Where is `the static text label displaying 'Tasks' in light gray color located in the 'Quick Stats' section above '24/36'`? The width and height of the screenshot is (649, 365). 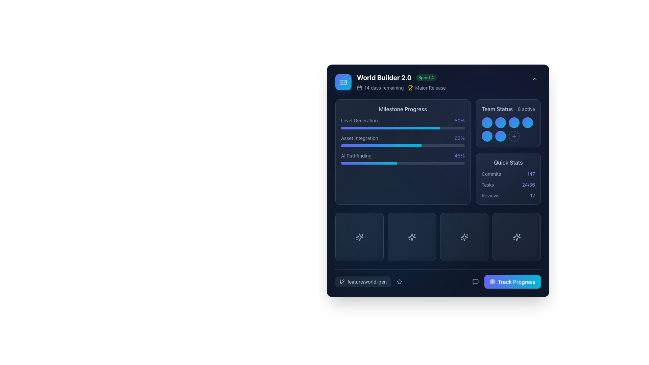
the static text label displaying 'Tasks' in light gray color located in the 'Quick Stats' section above '24/36' is located at coordinates (488, 185).